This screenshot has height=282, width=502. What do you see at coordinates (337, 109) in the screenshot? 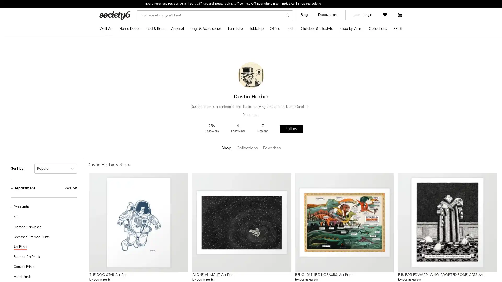
I see `Artist Holiday Series` at bounding box center [337, 109].